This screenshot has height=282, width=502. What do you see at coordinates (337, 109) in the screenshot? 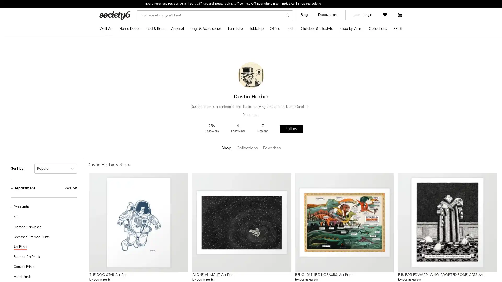
I see `Artist Holiday Series` at bounding box center [337, 109].